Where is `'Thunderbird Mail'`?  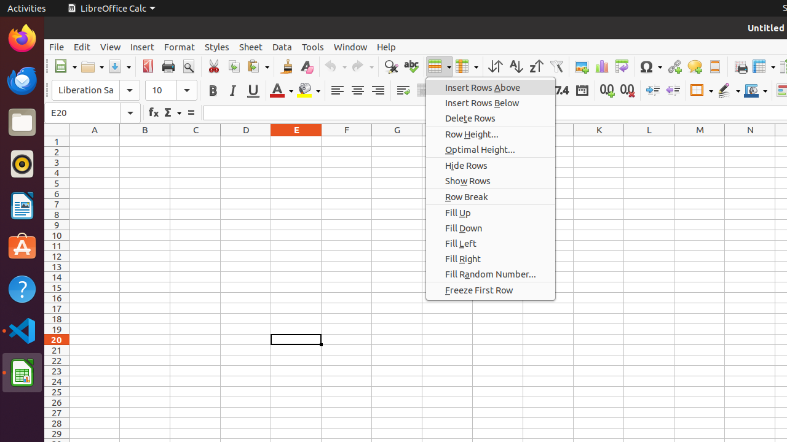
'Thunderbird Mail' is located at coordinates (22, 80).